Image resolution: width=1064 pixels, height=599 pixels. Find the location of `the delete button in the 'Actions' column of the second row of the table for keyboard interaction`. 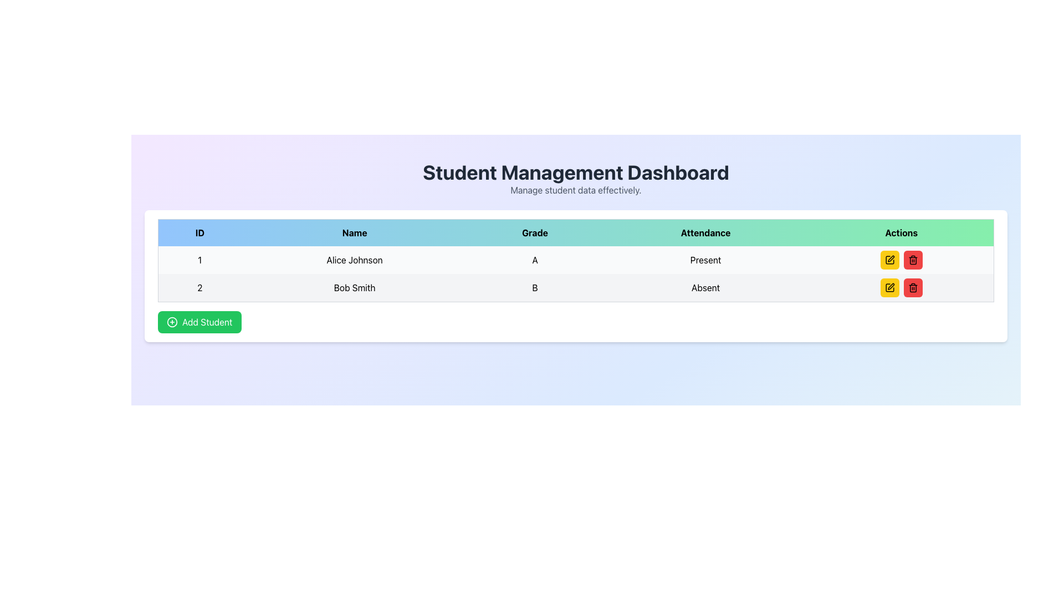

the delete button in the 'Actions' column of the second row of the table for keyboard interaction is located at coordinates (913, 287).